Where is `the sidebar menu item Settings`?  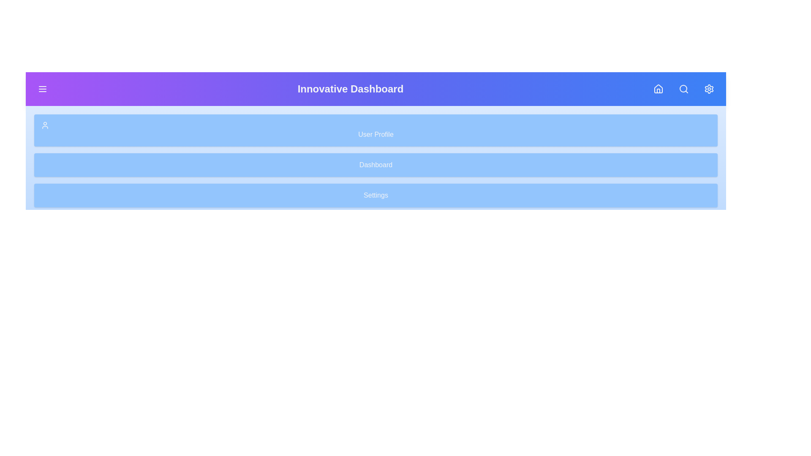 the sidebar menu item Settings is located at coordinates (375, 195).